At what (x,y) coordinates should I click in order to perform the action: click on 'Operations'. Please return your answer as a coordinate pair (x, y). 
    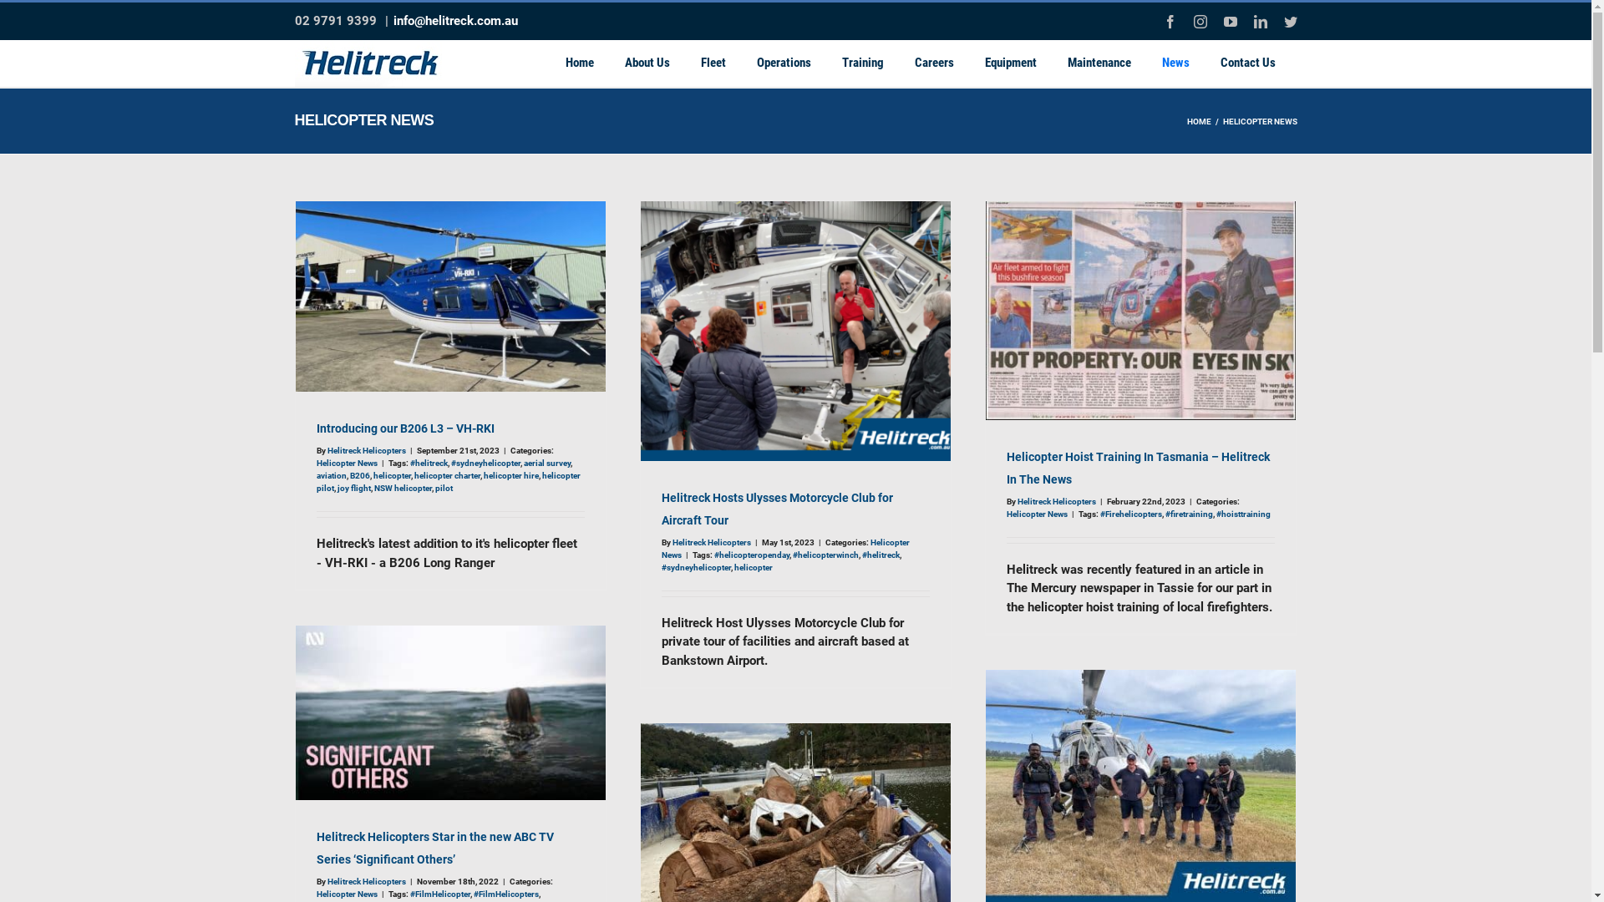
    Looking at the image, I should click on (782, 62).